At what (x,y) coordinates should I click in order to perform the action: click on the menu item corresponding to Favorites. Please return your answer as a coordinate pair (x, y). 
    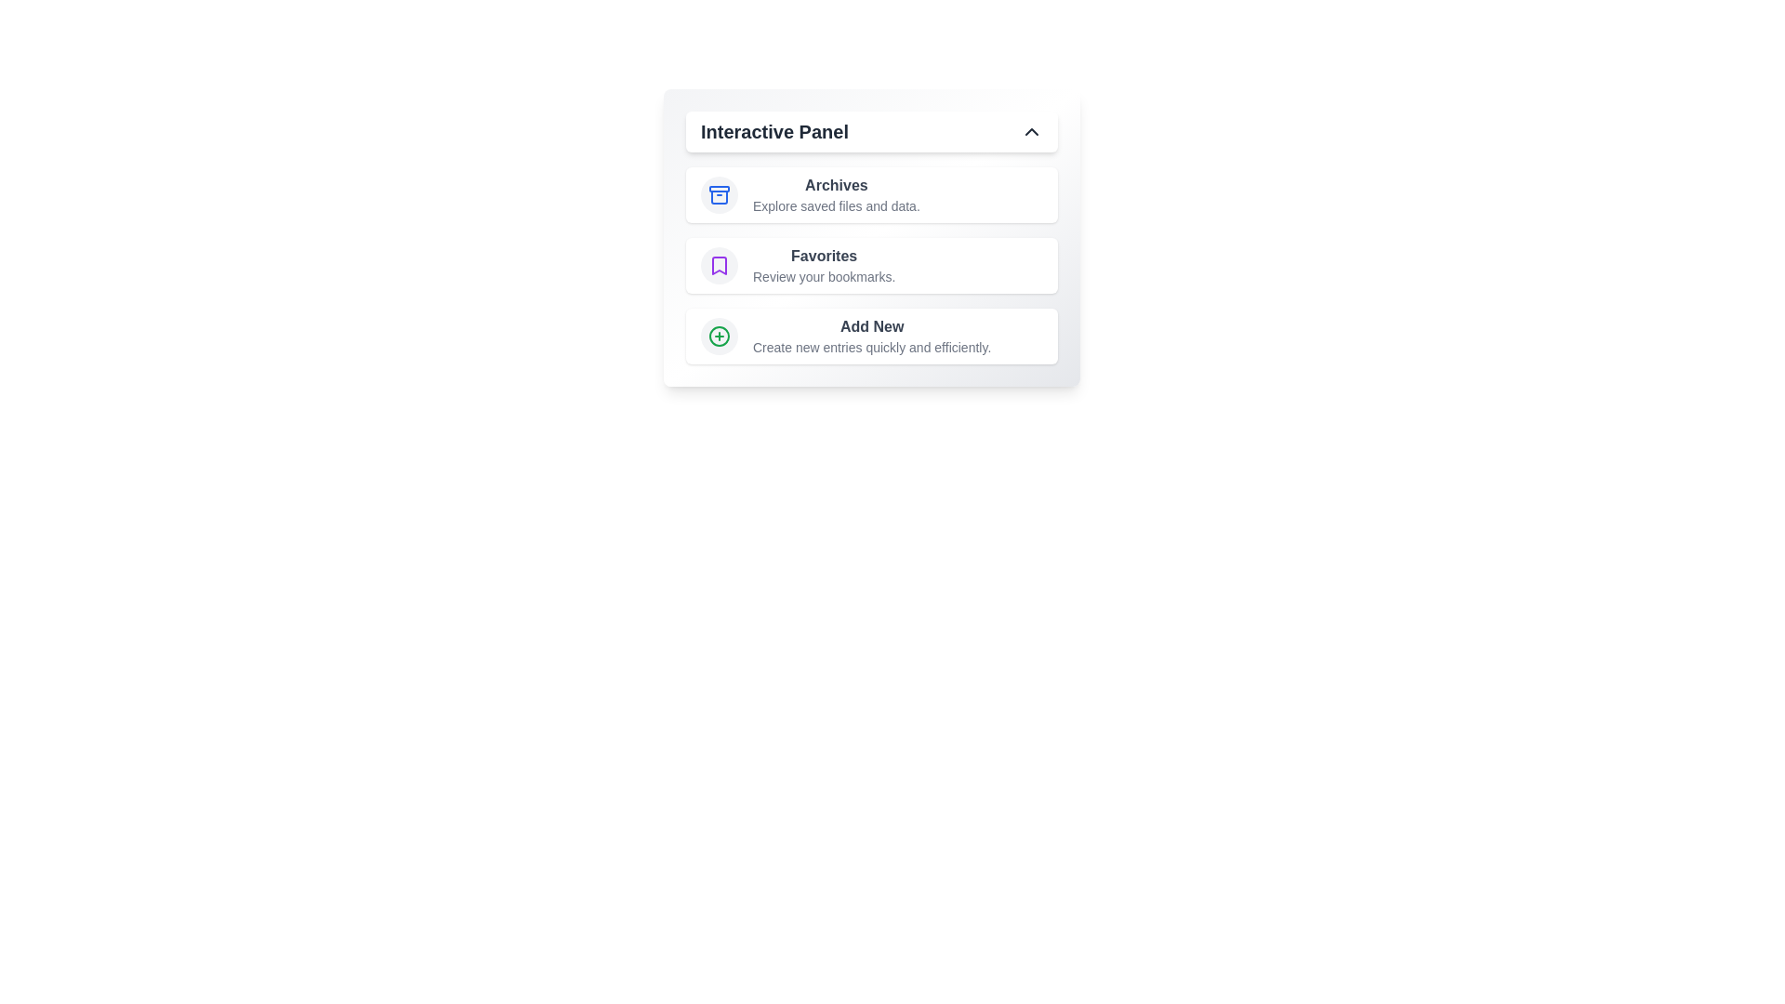
    Looking at the image, I should click on (870, 265).